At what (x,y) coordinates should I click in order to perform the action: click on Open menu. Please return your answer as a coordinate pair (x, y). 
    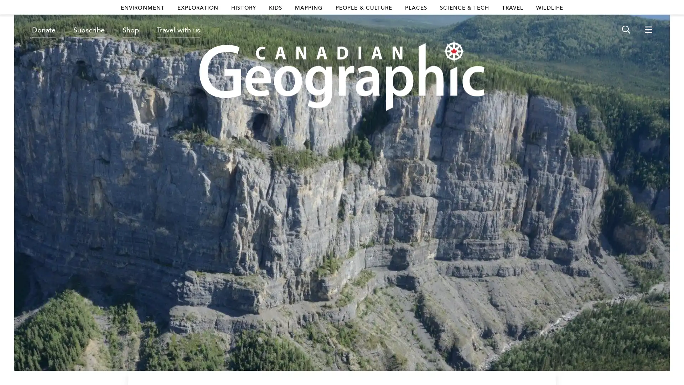
    Looking at the image, I should click on (648, 30).